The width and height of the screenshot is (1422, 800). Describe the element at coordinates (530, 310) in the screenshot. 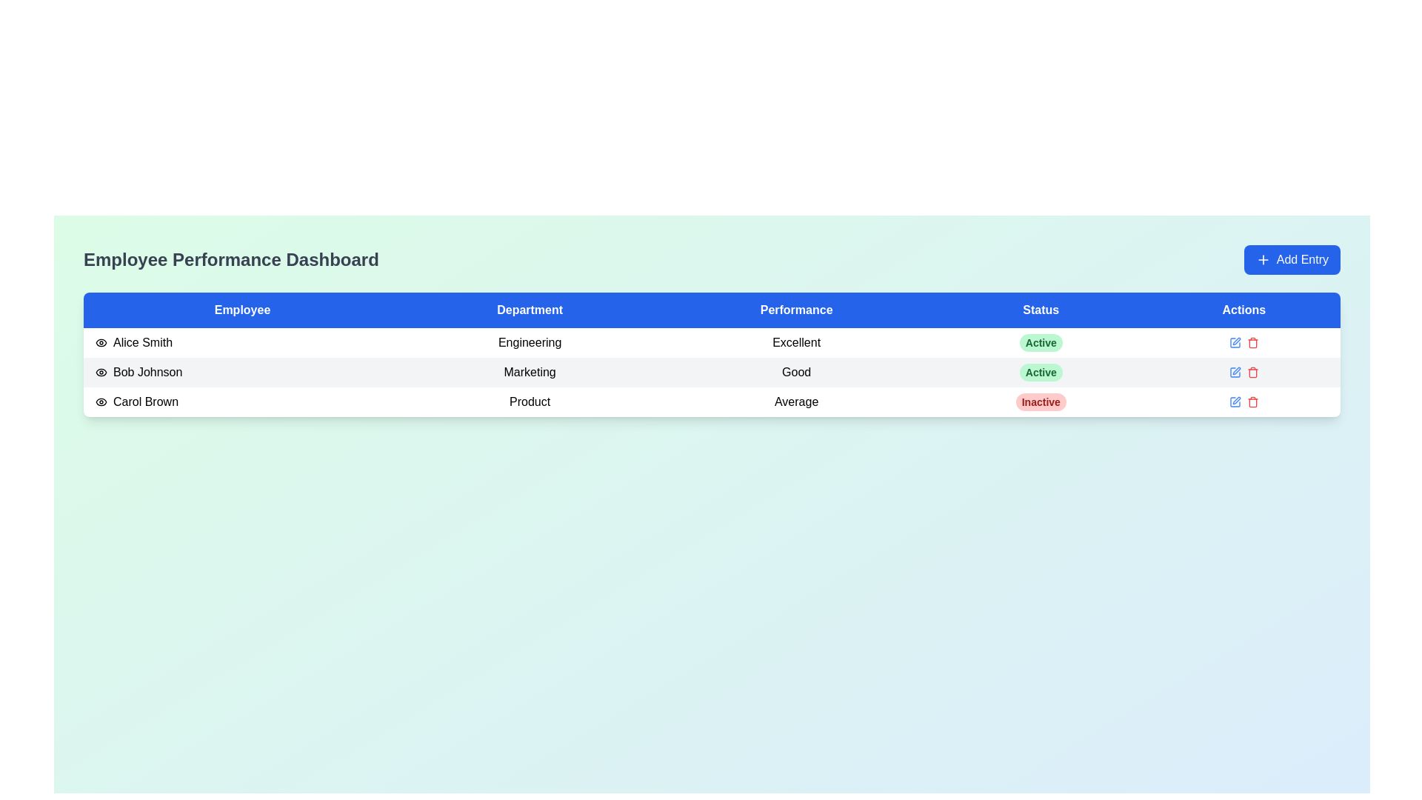

I see `the header label for the department associated with listed employees, which is the second item in the tabular header row between 'Employee' and 'Performance'` at that location.